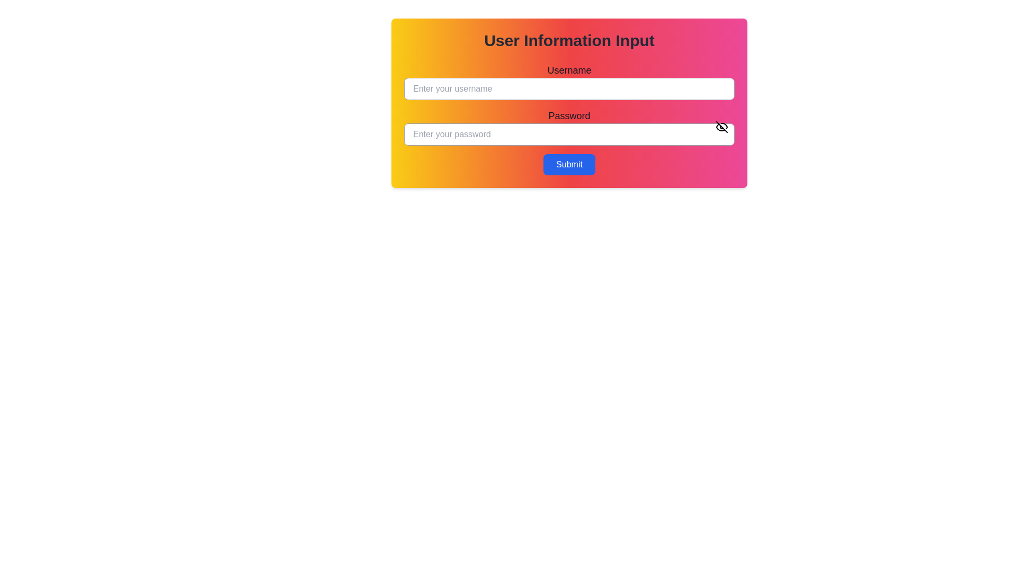 The height and width of the screenshot is (572, 1017). Describe the element at coordinates (569, 165) in the screenshot. I see `the 'Submit' button located at the bottom of the form with a blue background and white text` at that location.